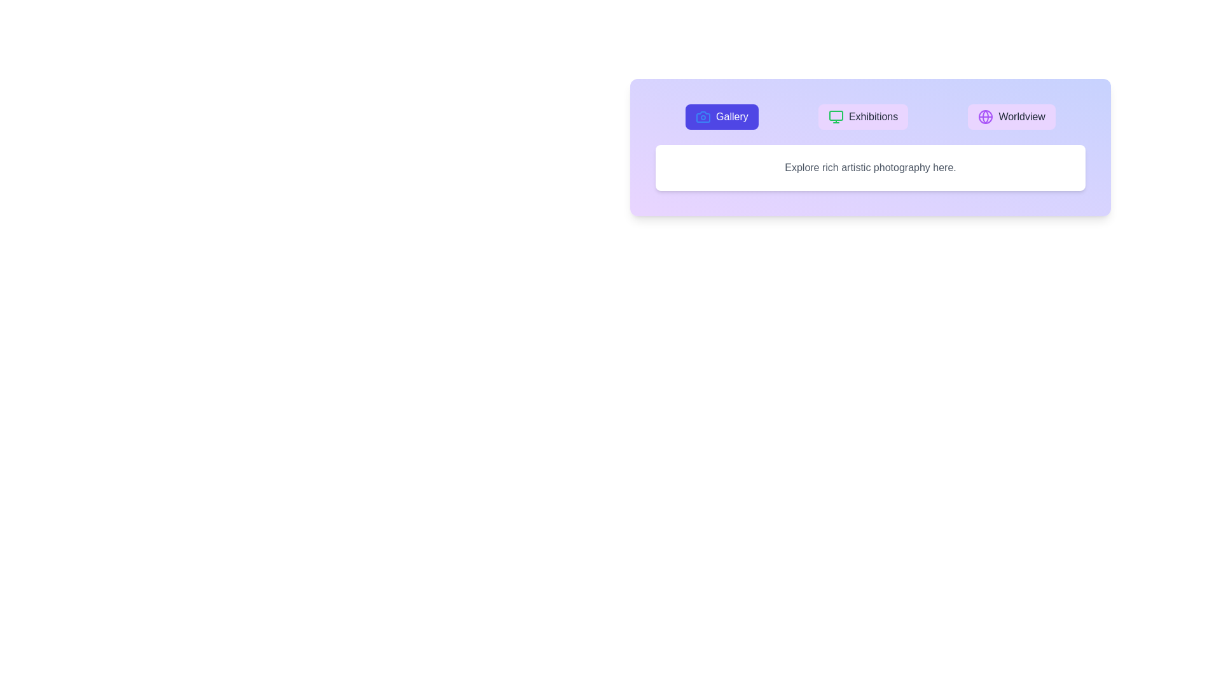  I want to click on the Exhibitions tab button to see its hover effect, so click(863, 117).